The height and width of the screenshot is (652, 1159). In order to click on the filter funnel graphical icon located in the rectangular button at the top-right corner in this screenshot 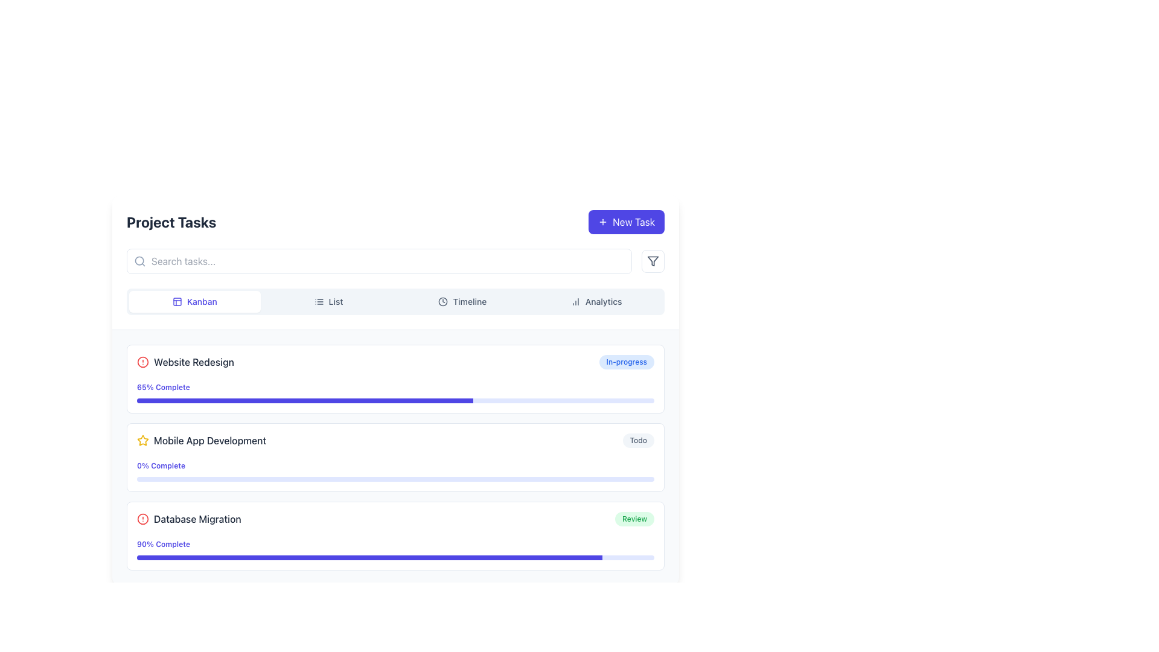, I will do `click(652, 260)`.